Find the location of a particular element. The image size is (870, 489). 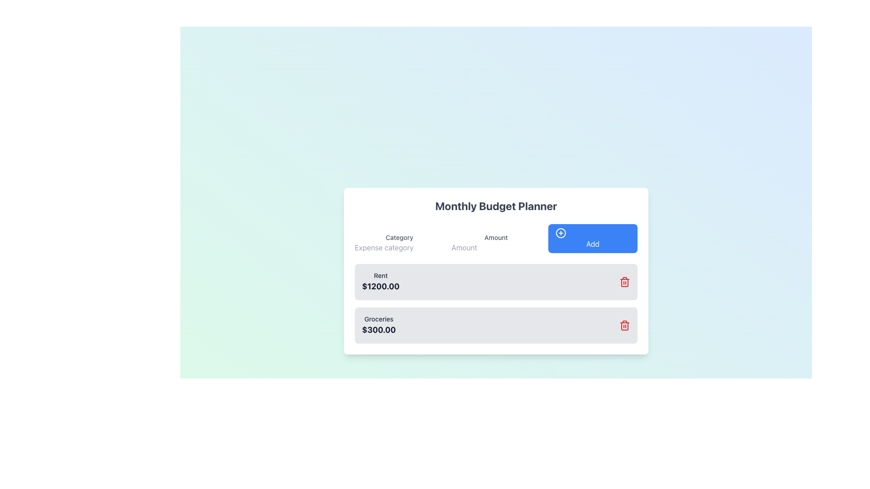

the text label displaying 'Monthly Budget Planner', which is prominently located at the top of the budgeting interface pane is located at coordinates (495, 206).